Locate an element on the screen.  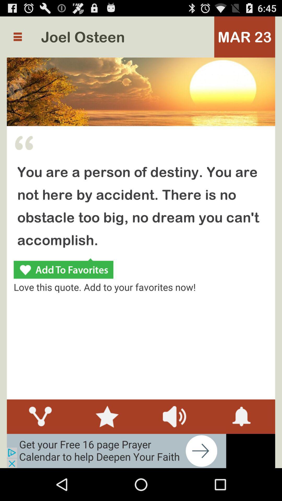
to favorites is located at coordinates (63, 269).